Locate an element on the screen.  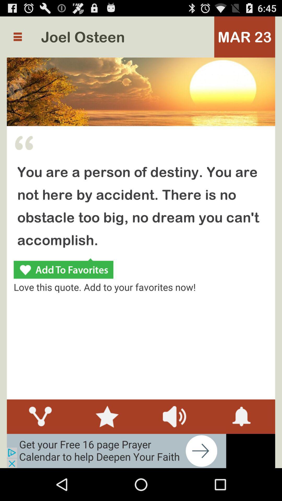
to favorites is located at coordinates (63, 269).